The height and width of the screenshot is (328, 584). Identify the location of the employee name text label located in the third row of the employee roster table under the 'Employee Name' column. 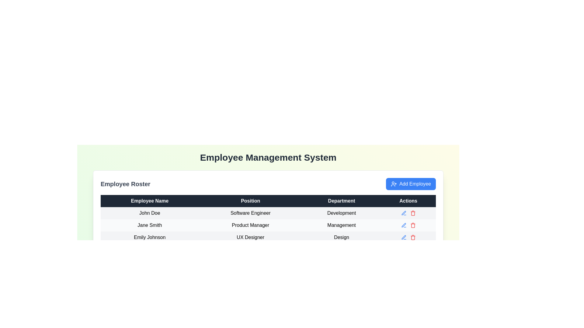
(150, 237).